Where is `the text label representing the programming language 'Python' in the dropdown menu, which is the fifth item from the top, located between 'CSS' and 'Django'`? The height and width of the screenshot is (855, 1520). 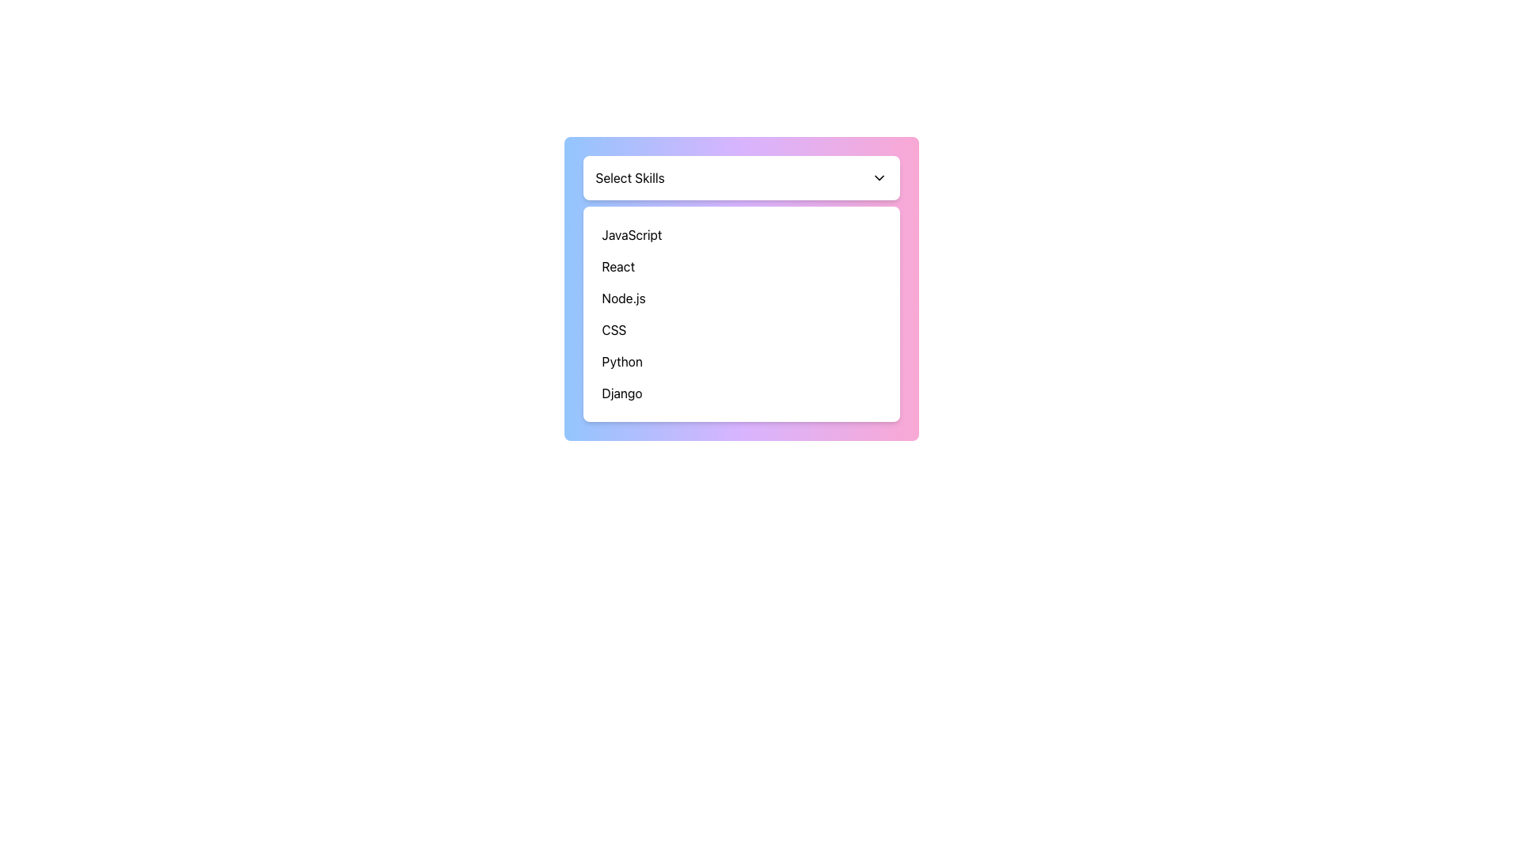 the text label representing the programming language 'Python' in the dropdown menu, which is the fifth item from the top, located between 'CSS' and 'Django' is located at coordinates (621, 361).